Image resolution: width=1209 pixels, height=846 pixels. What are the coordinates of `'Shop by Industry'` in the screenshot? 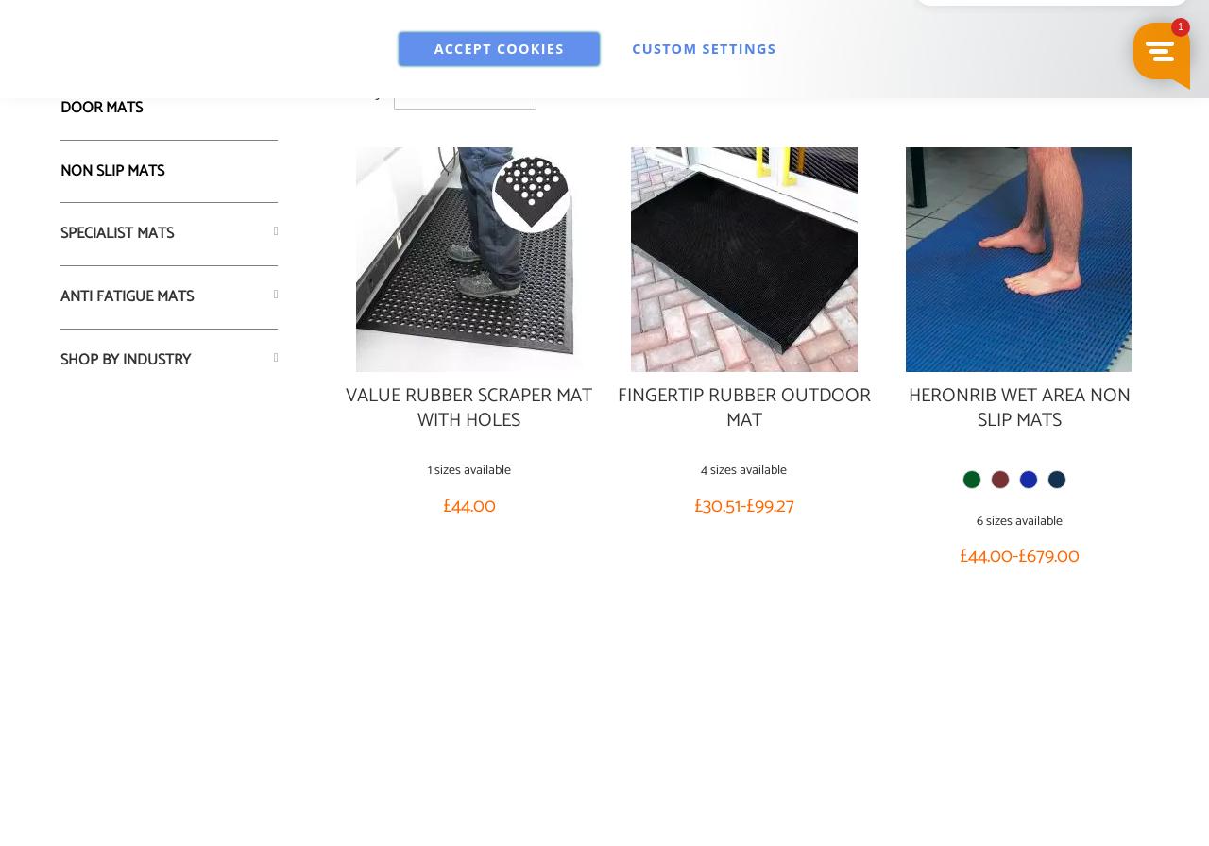 It's located at (124, 359).